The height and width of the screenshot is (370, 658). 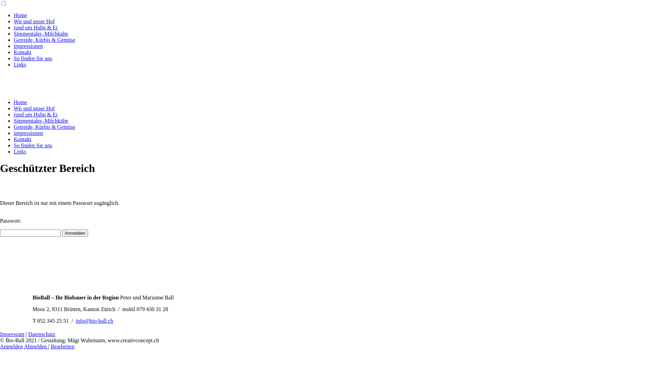 I want to click on 'Impressum', so click(x=12, y=334).